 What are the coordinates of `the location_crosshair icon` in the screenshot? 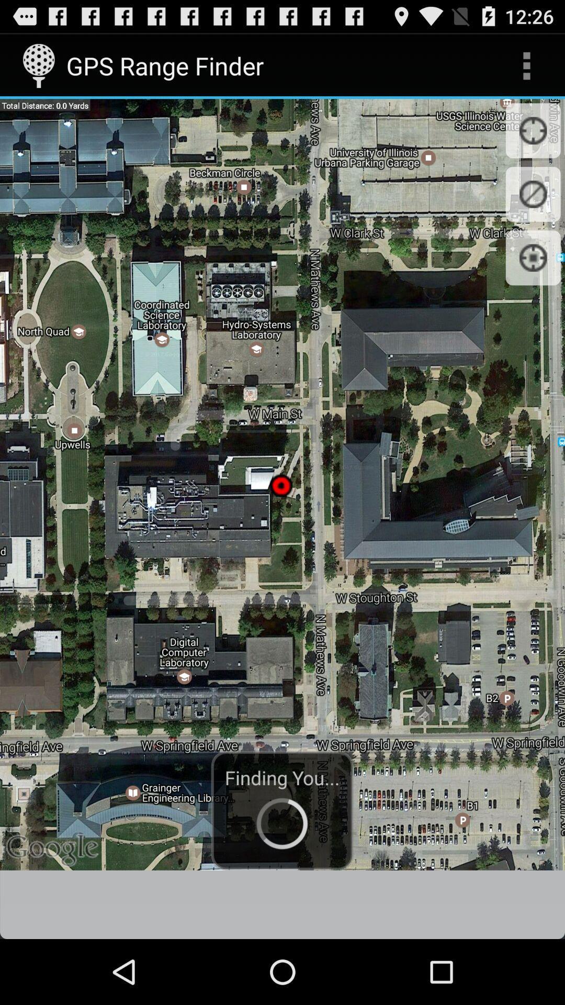 It's located at (533, 276).